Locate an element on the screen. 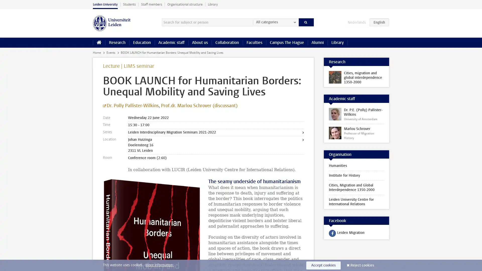 The height and width of the screenshot is (271, 482). Accept cookies is located at coordinates (323, 265).